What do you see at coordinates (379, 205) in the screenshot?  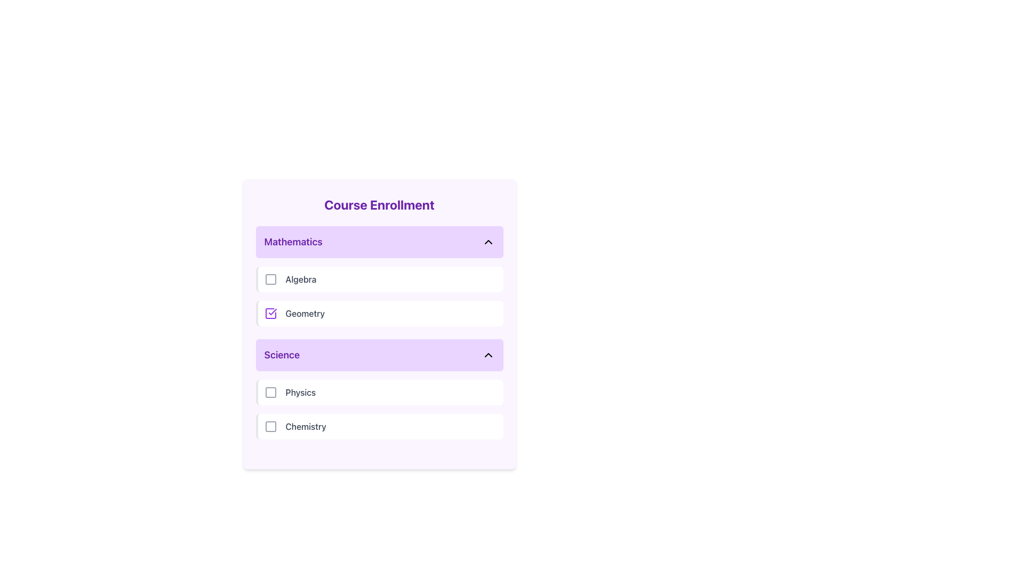 I see `header text labeled 'Course Enrollment', which is styled in large, bold, and centered purple font at the top center of the panel` at bounding box center [379, 205].